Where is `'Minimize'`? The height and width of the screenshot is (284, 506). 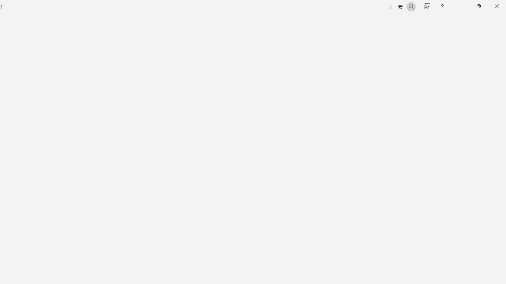 'Minimize' is located at coordinates (460, 6).